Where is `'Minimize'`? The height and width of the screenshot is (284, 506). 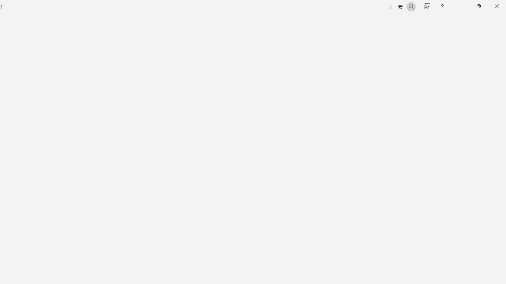 'Minimize' is located at coordinates (460, 6).